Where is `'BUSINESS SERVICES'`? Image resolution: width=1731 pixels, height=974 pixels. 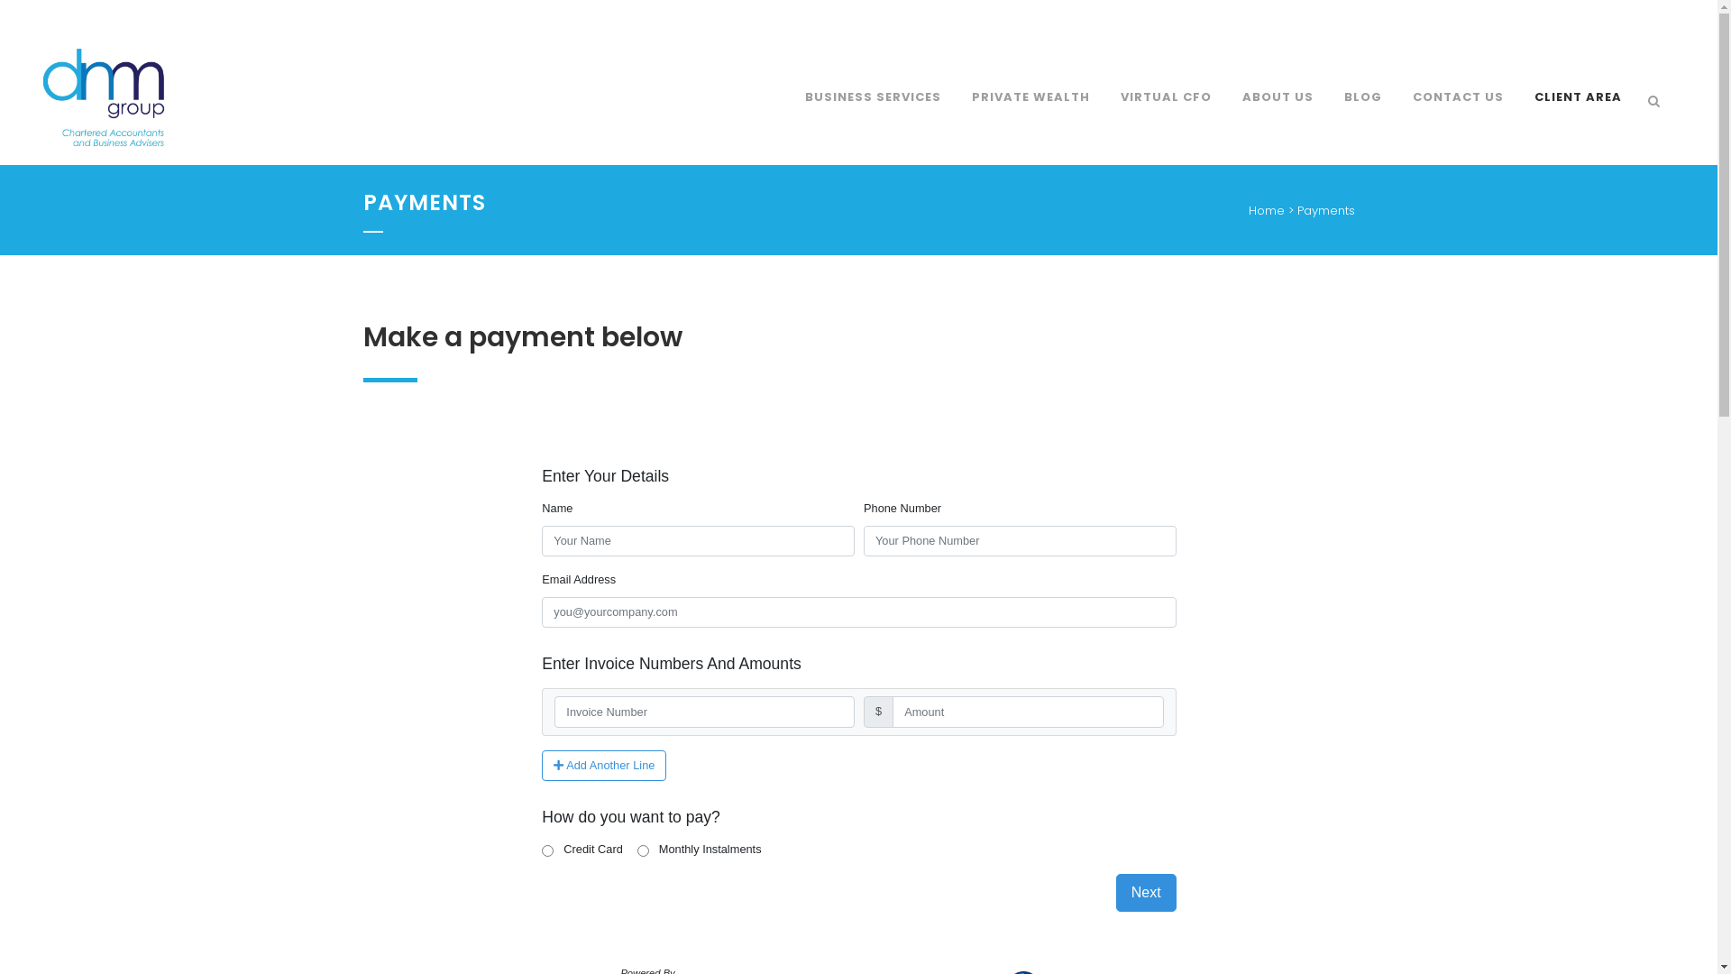 'BUSINESS SERVICES' is located at coordinates (873, 97).